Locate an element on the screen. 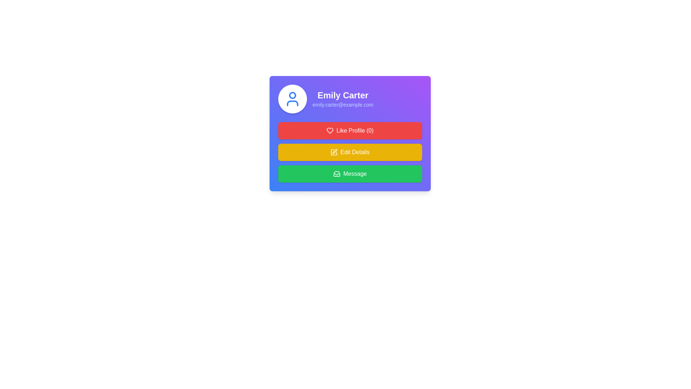 Image resolution: width=691 pixels, height=389 pixels. the Profile Summary Display element that includes a circular blue avatar icon and the text 'Emily Carter' with the email 'emily.carter@example.com' is located at coordinates (350, 99).